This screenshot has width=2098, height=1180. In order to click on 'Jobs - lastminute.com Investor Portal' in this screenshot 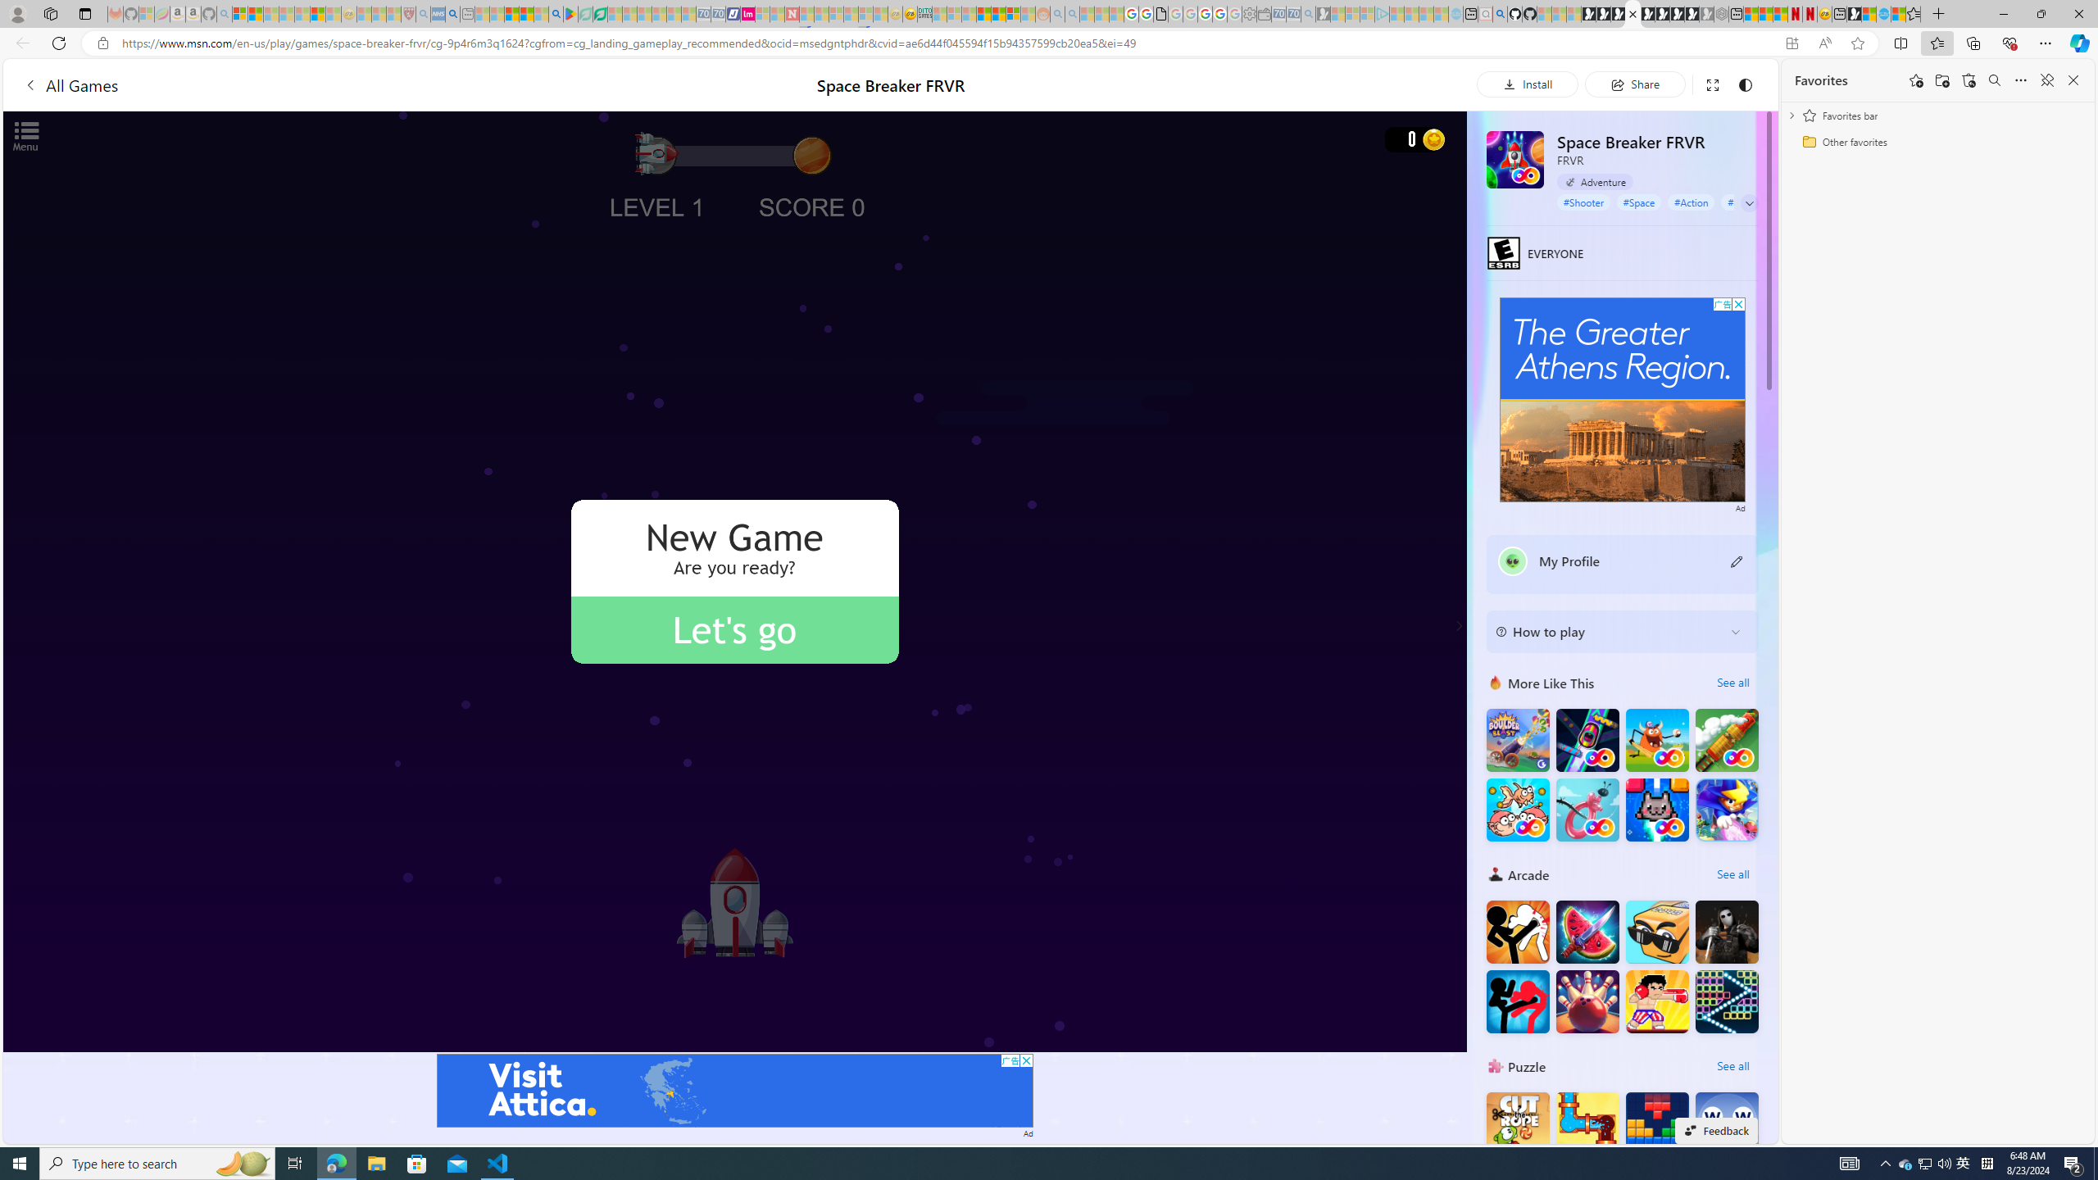, I will do `click(747, 13)`.